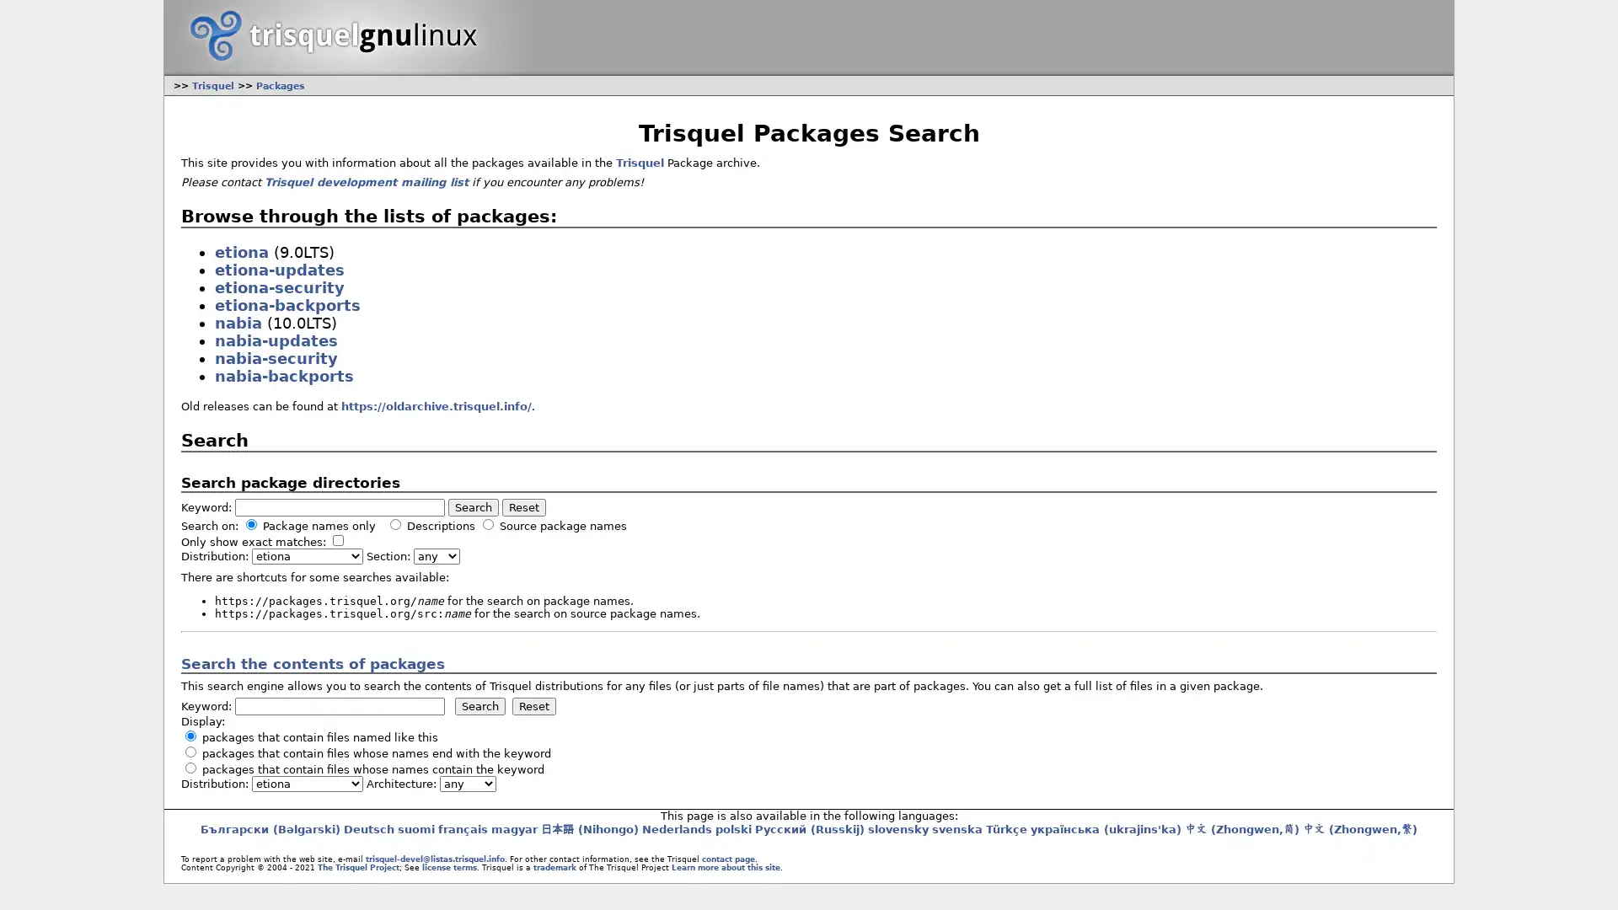 The height and width of the screenshot is (910, 1618). I want to click on Reset, so click(533, 705).